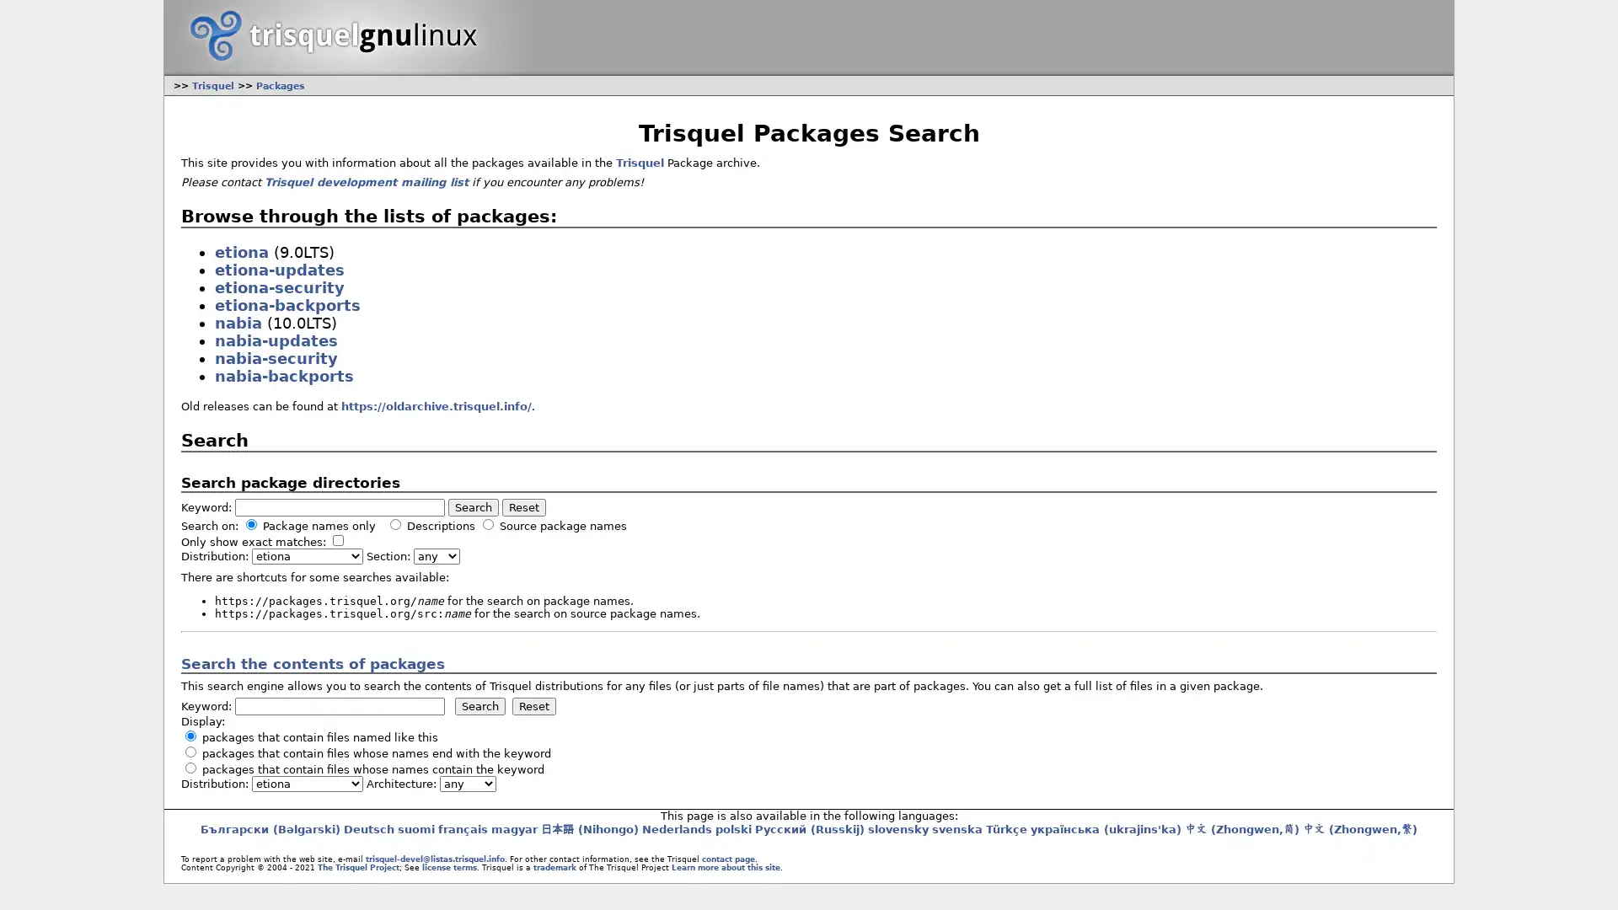 The height and width of the screenshot is (910, 1618). I want to click on Reset, so click(533, 705).